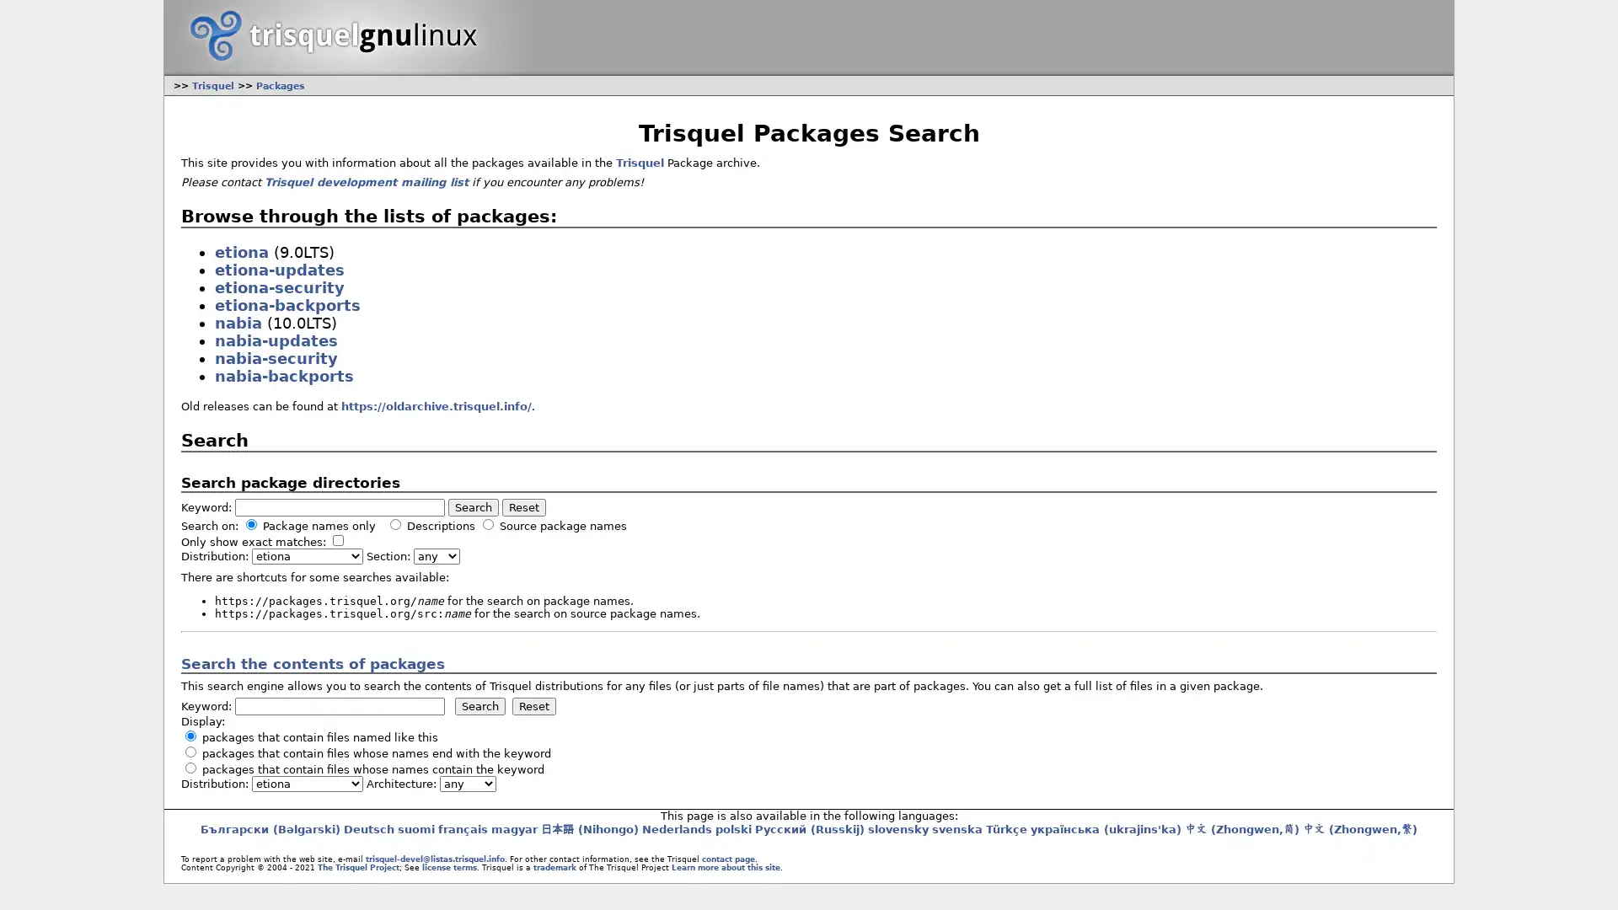 The height and width of the screenshot is (910, 1618). I want to click on Reset, so click(533, 705).